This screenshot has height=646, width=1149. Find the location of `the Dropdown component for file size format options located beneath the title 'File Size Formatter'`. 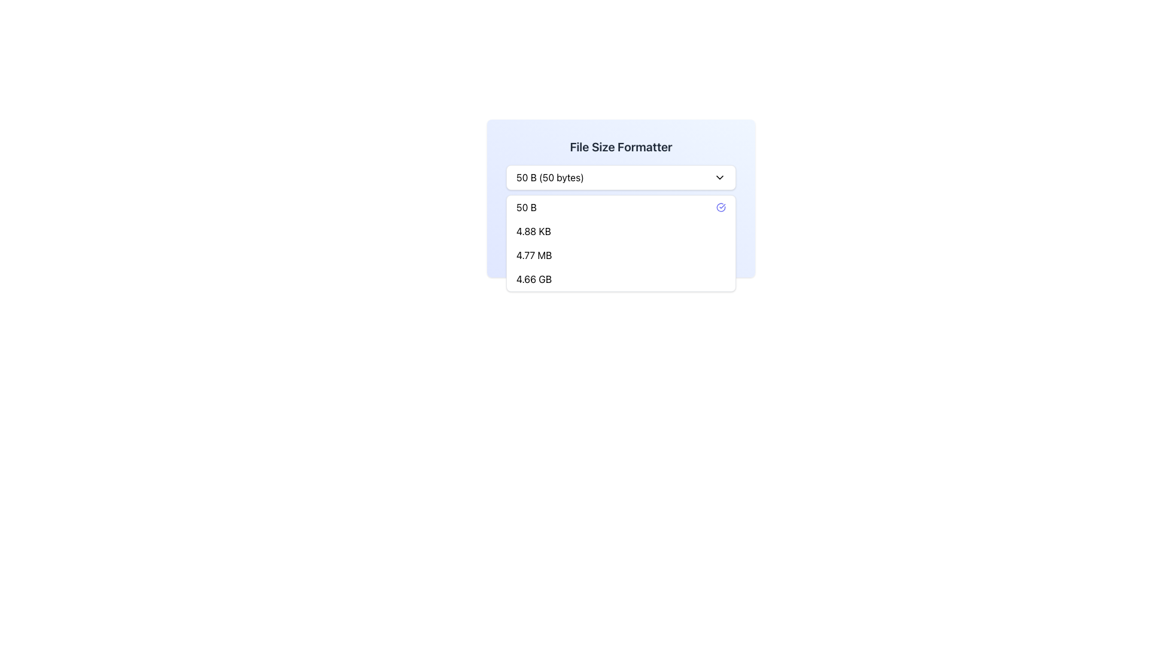

the Dropdown component for file size format options located beneath the title 'File Size Formatter' is located at coordinates (621, 197).